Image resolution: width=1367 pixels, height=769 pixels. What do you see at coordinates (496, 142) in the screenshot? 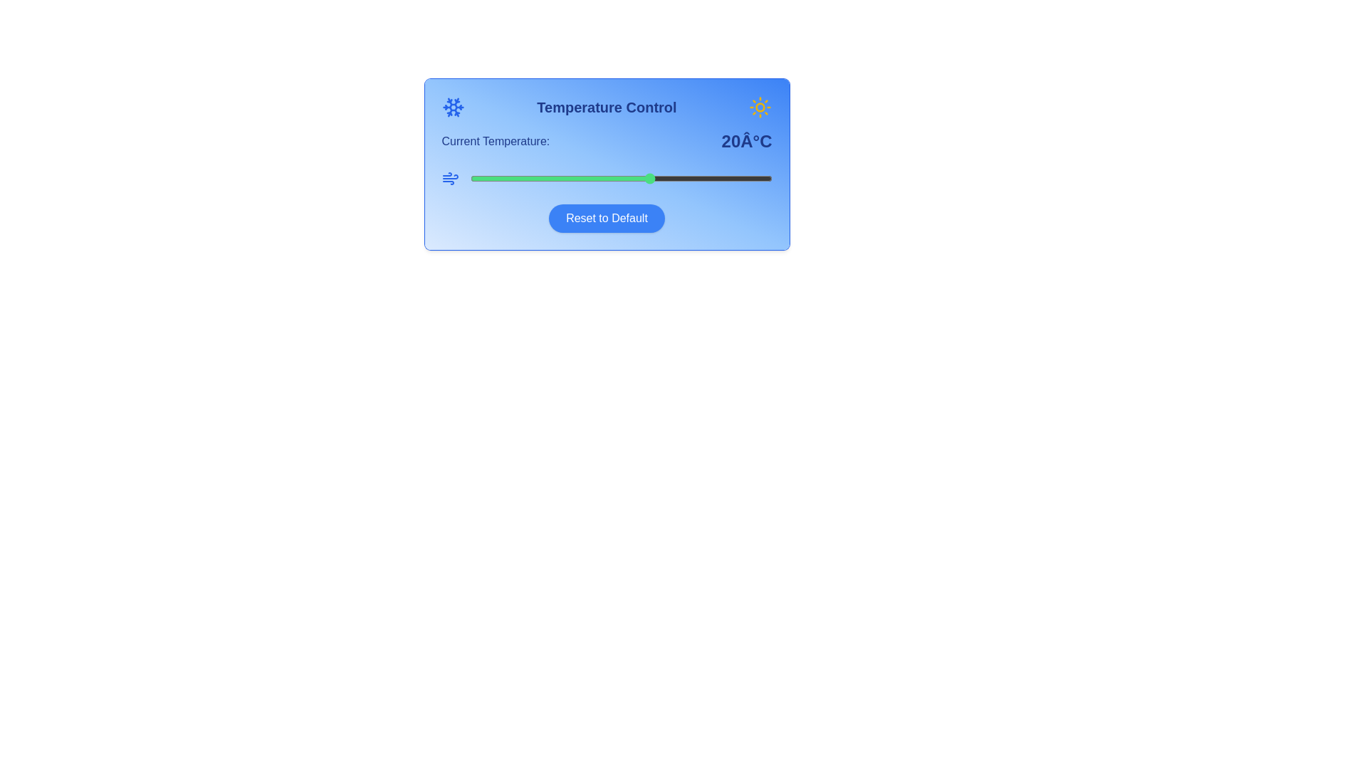
I see `the text label displaying 'Current Temperature:' which is positioned to the left of the bold number '20°C' in the upper-left segment of the blue-colored interface` at bounding box center [496, 142].